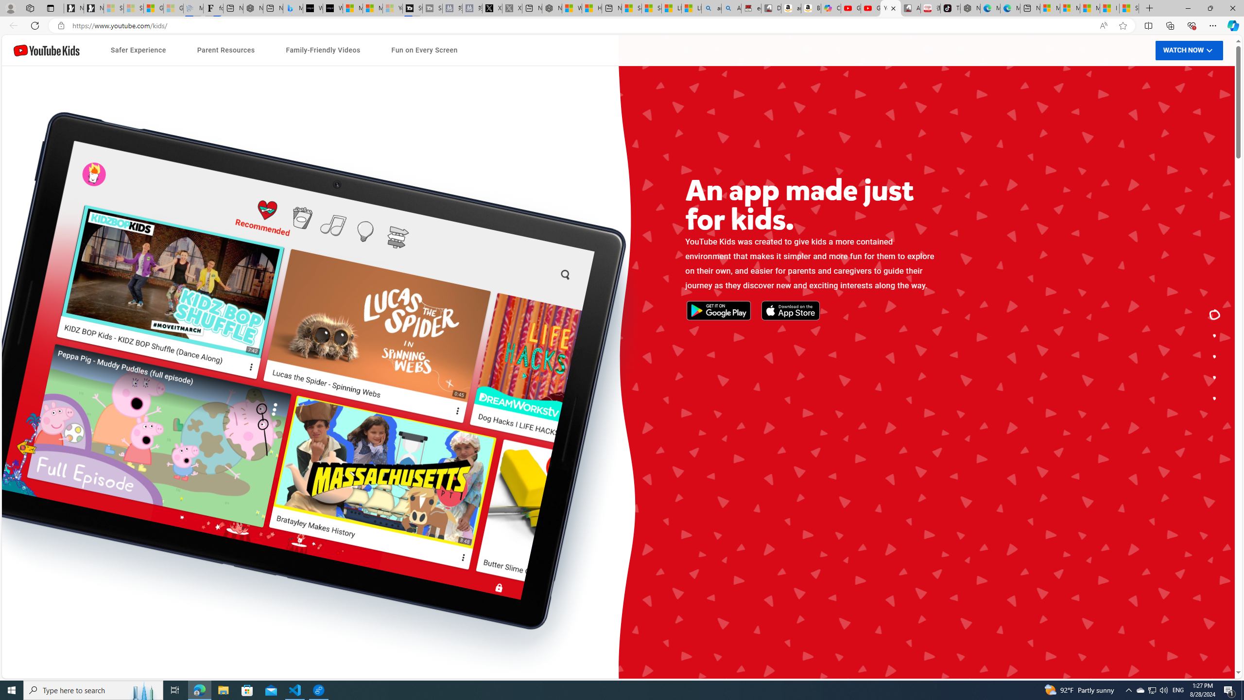 This screenshot has height=700, width=1244. Describe the element at coordinates (412, 8) in the screenshot. I see `'Streaming Coverage | T3'` at that location.